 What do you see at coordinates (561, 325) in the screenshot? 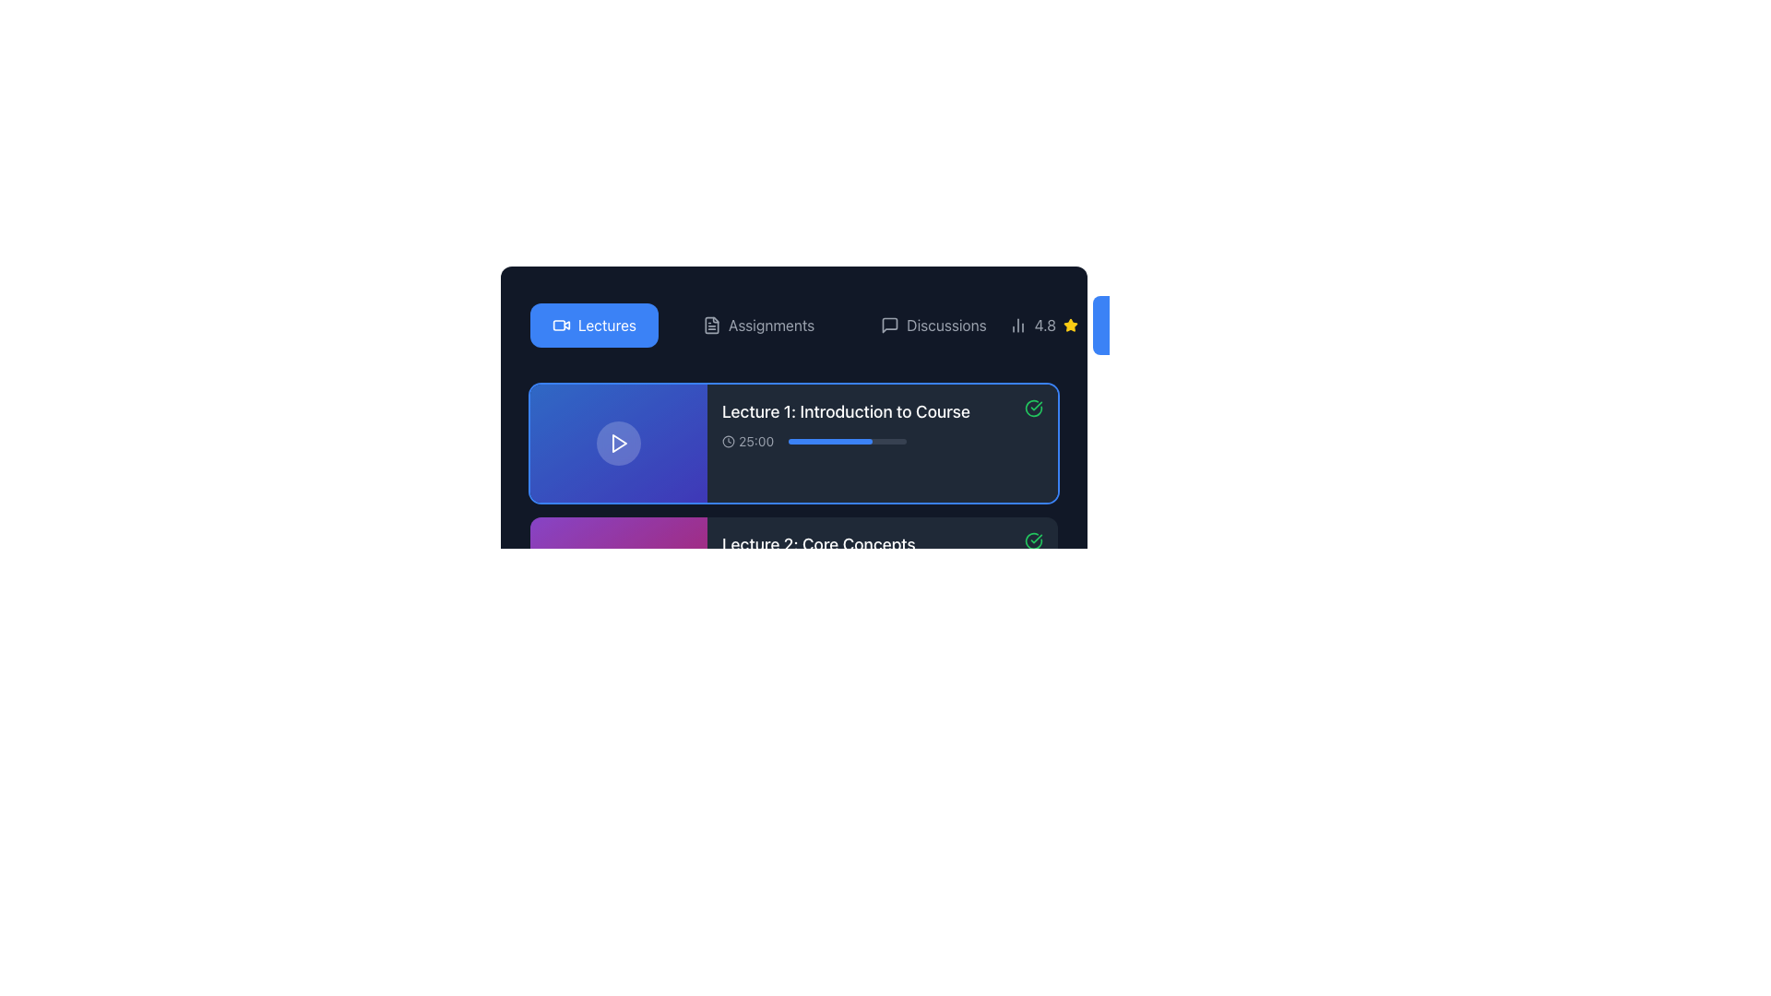
I see `the SVG graphical component that serves as a visual indicator for video-related features, located within the 'Lectures' button in the top-left section of the menu bar` at bounding box center [561, 325].